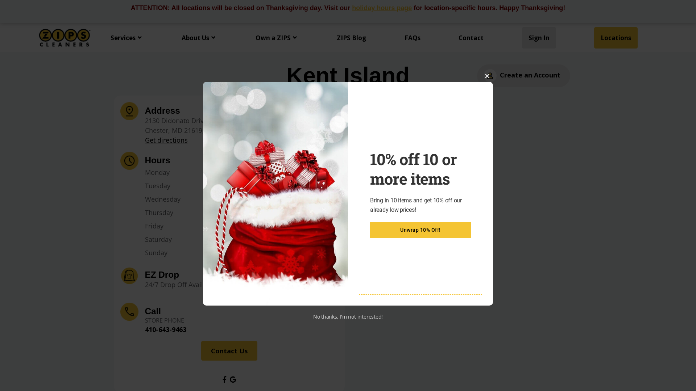 Image resolution: width=696 pixels, height=391 pixels. I want to click on 'Visit Google profile for this location', so click(233, 379).